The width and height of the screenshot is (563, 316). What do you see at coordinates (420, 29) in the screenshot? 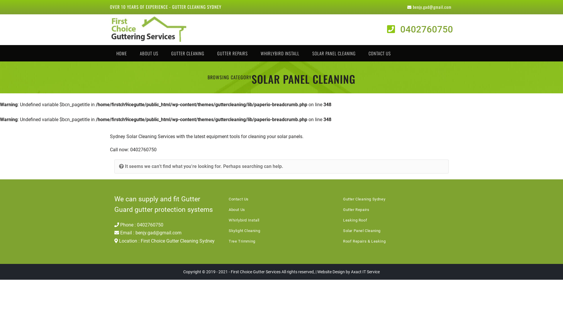
I see `'0402760750'` at bounding box center [420, 29].